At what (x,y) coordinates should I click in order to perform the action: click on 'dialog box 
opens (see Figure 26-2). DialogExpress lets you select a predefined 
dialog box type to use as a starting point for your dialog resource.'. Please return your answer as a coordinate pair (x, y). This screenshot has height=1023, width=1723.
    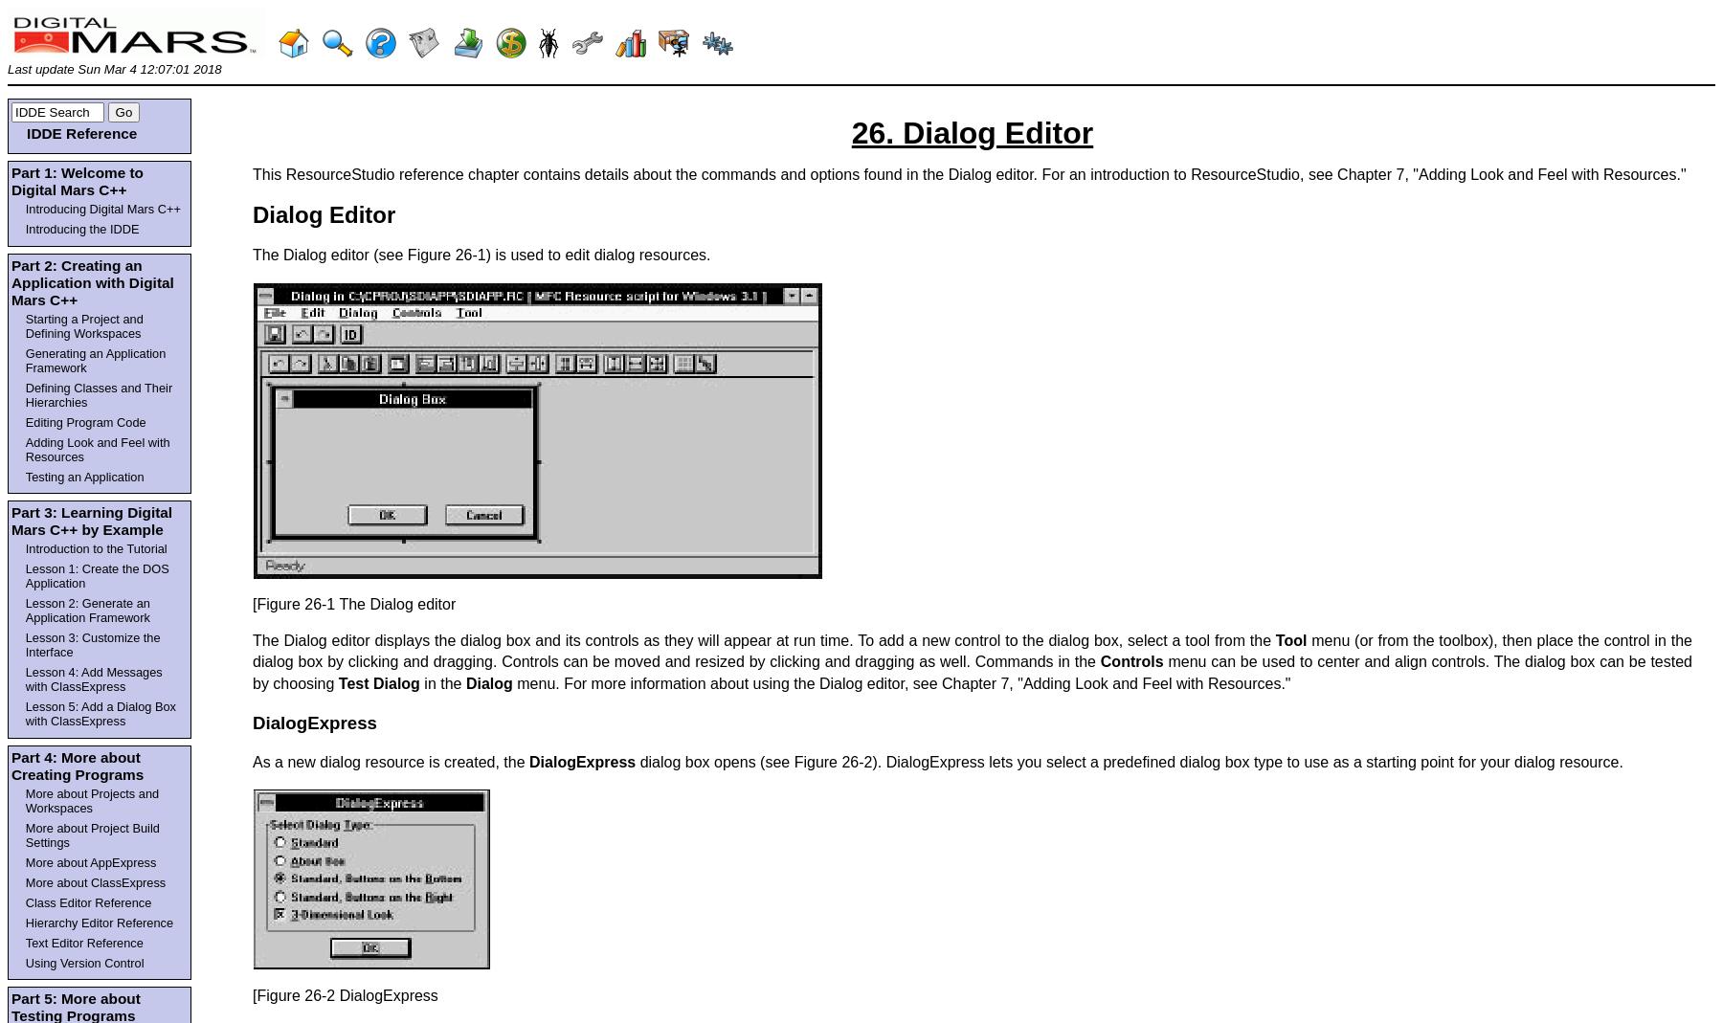
    Looking at the image, I should click on (1128, 762).